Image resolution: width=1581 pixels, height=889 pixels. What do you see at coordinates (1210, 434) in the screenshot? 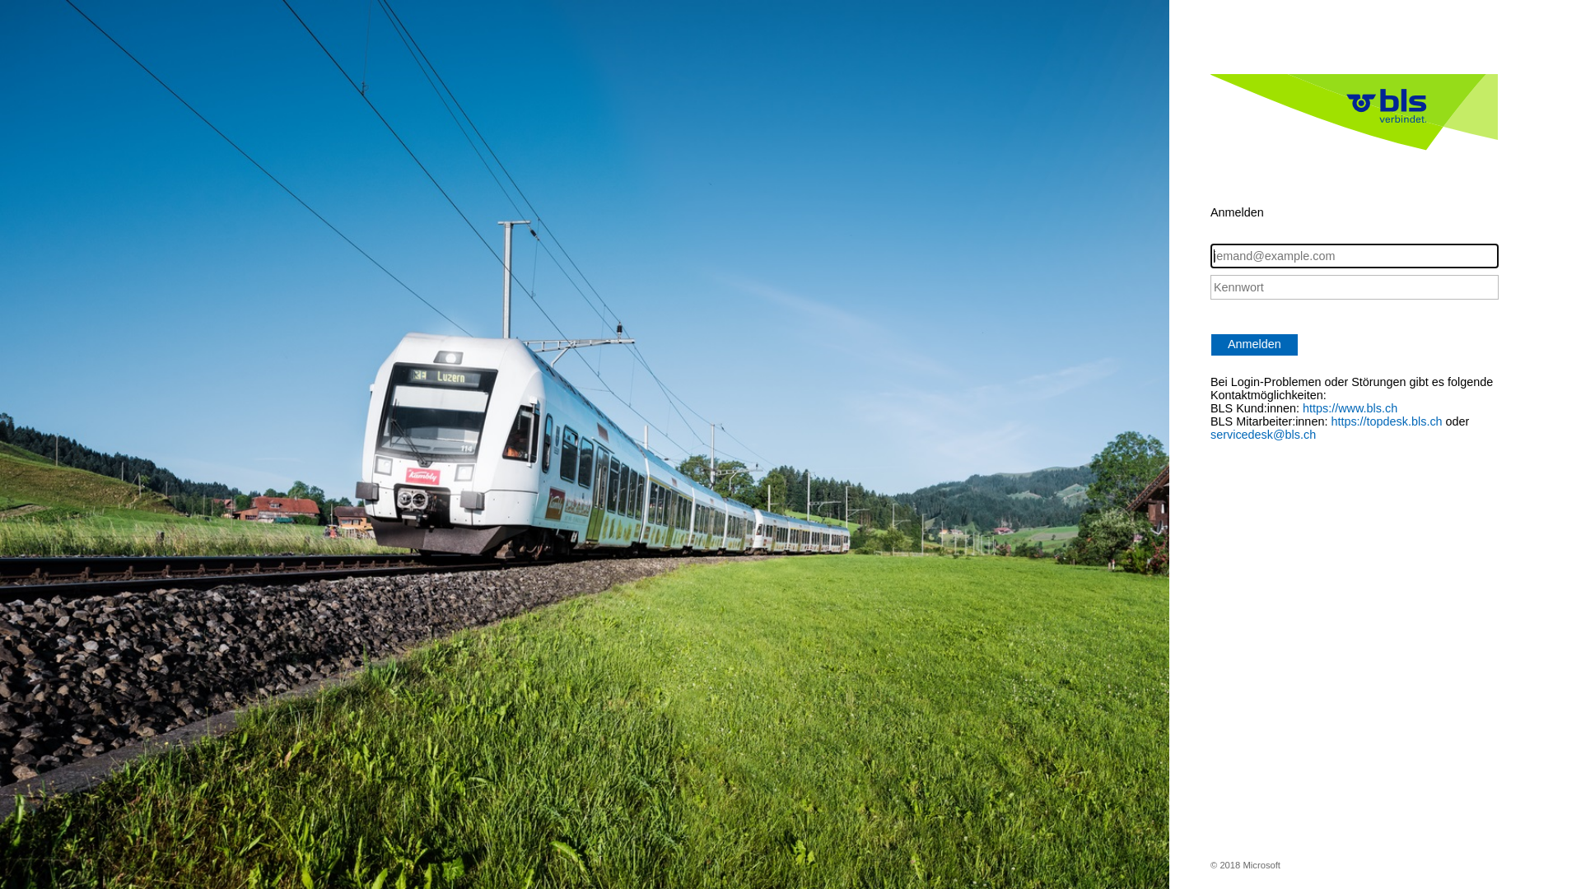
I see `'servicedesk@bls.ch'` at bounding box center [1210, 434].